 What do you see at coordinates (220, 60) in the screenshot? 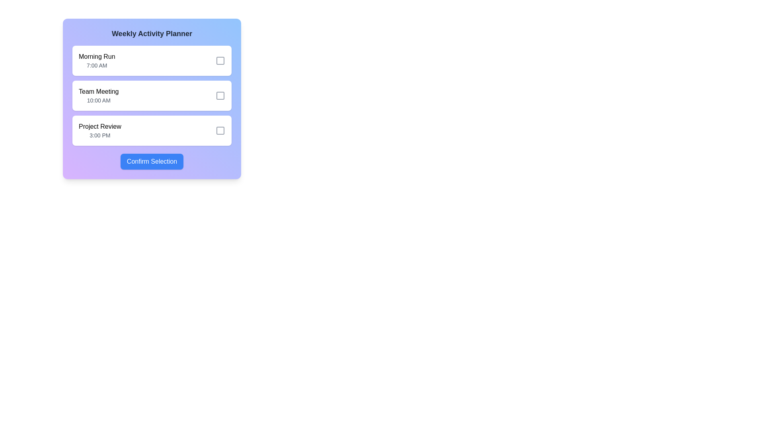
I see `the checkbox that appears as a square icon outlined in gray, located next` at bounding box center [220, 60].